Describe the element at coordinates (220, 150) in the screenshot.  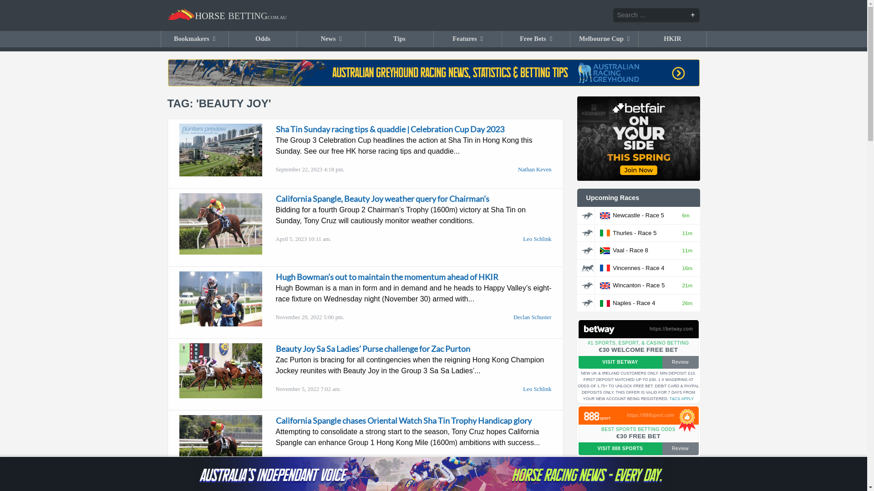
I see `'Sha Tin Preview'` at that location.